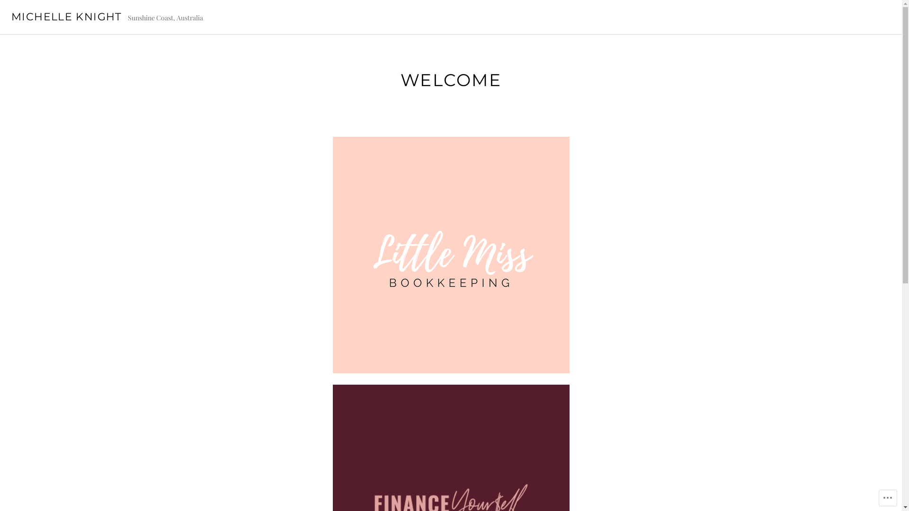  Describe the element at coordinates (66, 17) in the screenshot. I see `'MICHELLE KNIGHT'` at that location.